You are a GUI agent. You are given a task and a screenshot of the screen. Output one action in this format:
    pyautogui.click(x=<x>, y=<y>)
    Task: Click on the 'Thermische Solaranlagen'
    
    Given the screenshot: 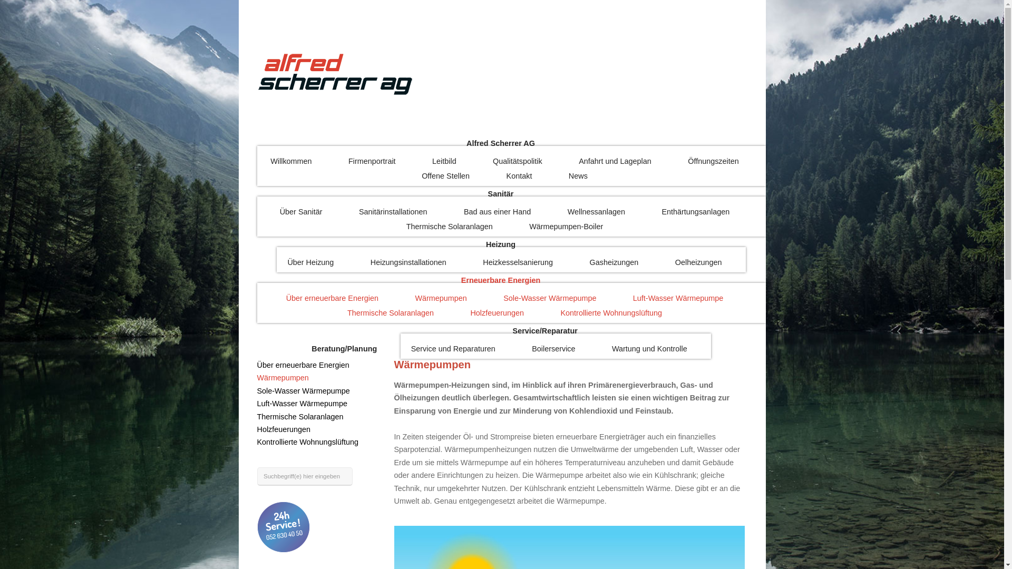 What is the action you would take?
    pyautogui.click(x=406, y=229)
    